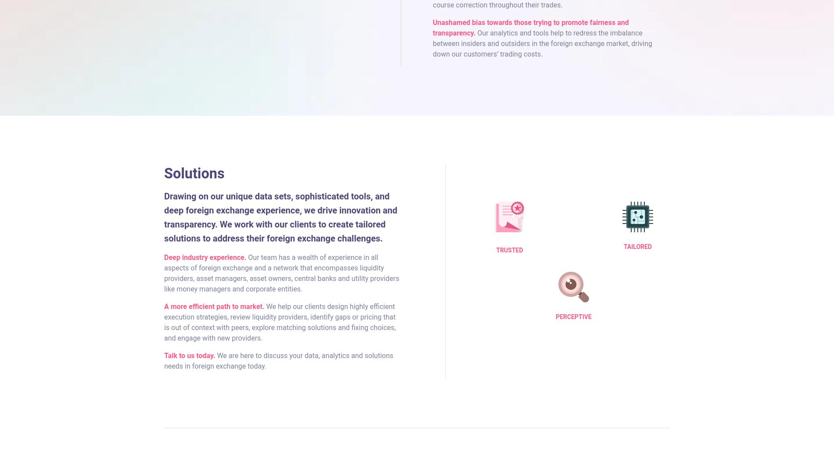 This screenshot has width=834, height=451. I want to click on 'We are here to discuss your data, analytics and solutions needs in foreign exchange today.', so click(278, 360).